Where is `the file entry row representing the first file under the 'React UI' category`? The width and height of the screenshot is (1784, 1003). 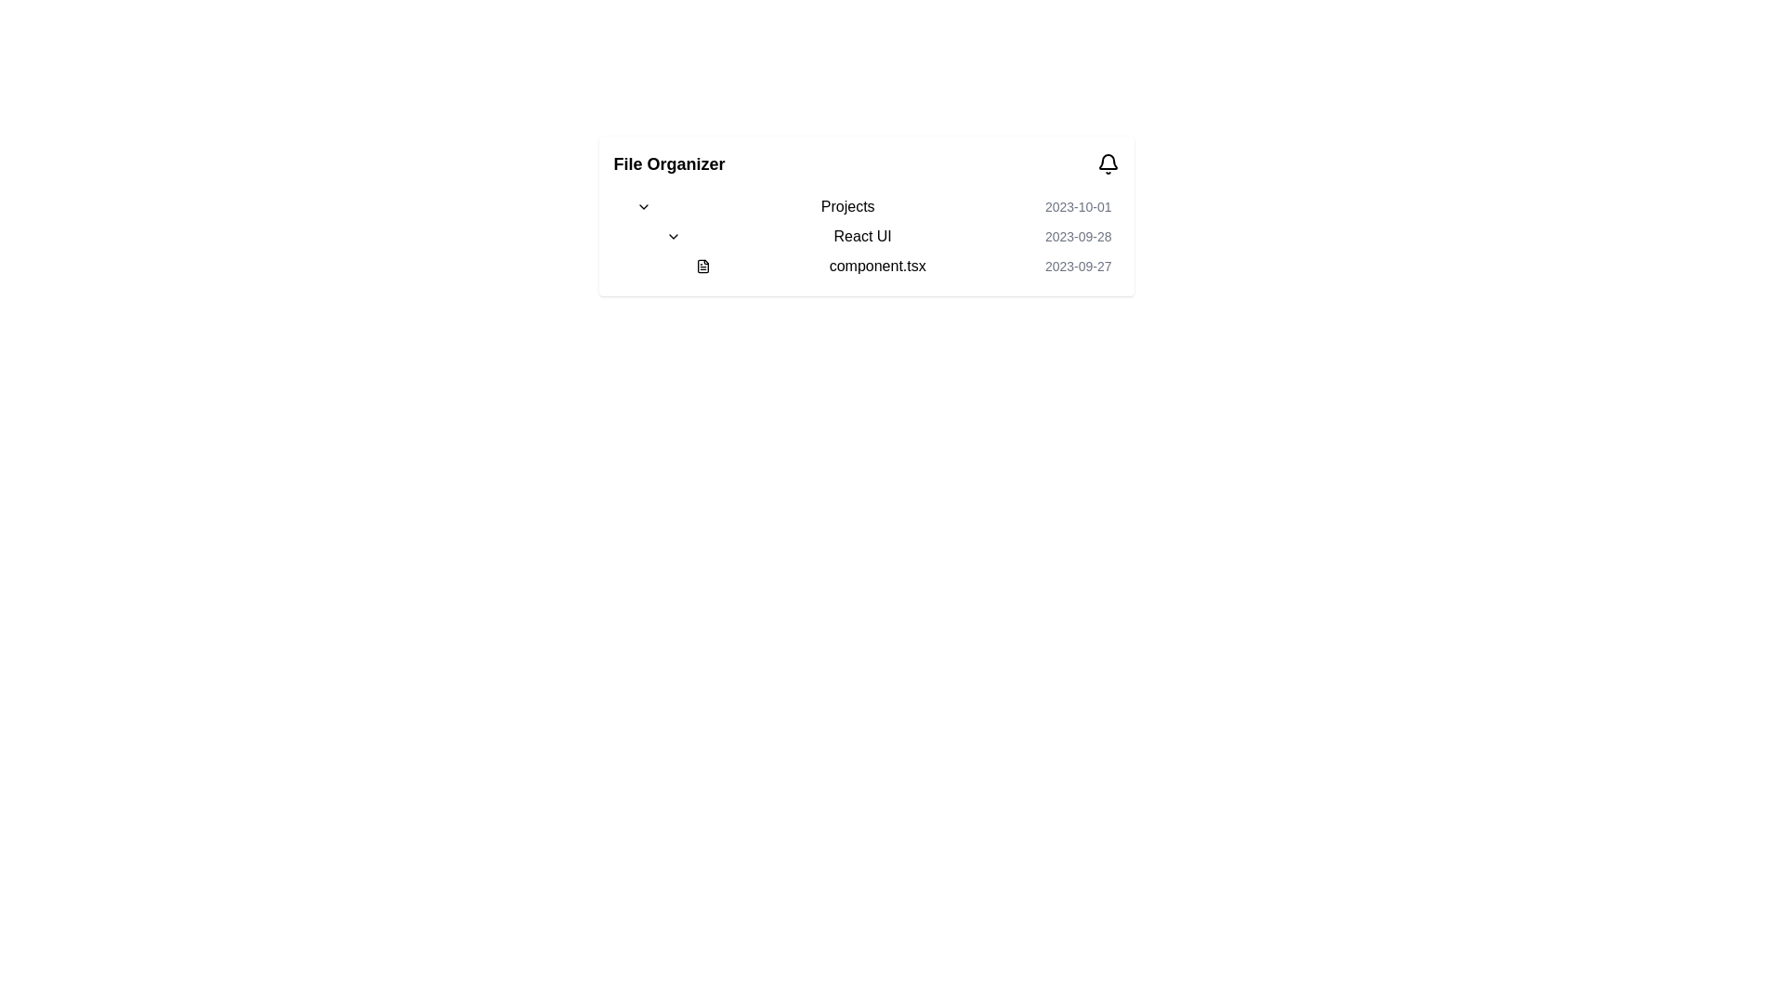
the file entry row representing the first file under the 'React UI' category is located at coordinates (903, 266).